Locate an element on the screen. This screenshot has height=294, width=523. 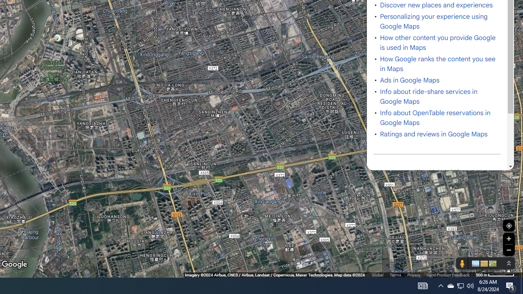
'Discover new places and experiences' is located at coordinates (436, 5).